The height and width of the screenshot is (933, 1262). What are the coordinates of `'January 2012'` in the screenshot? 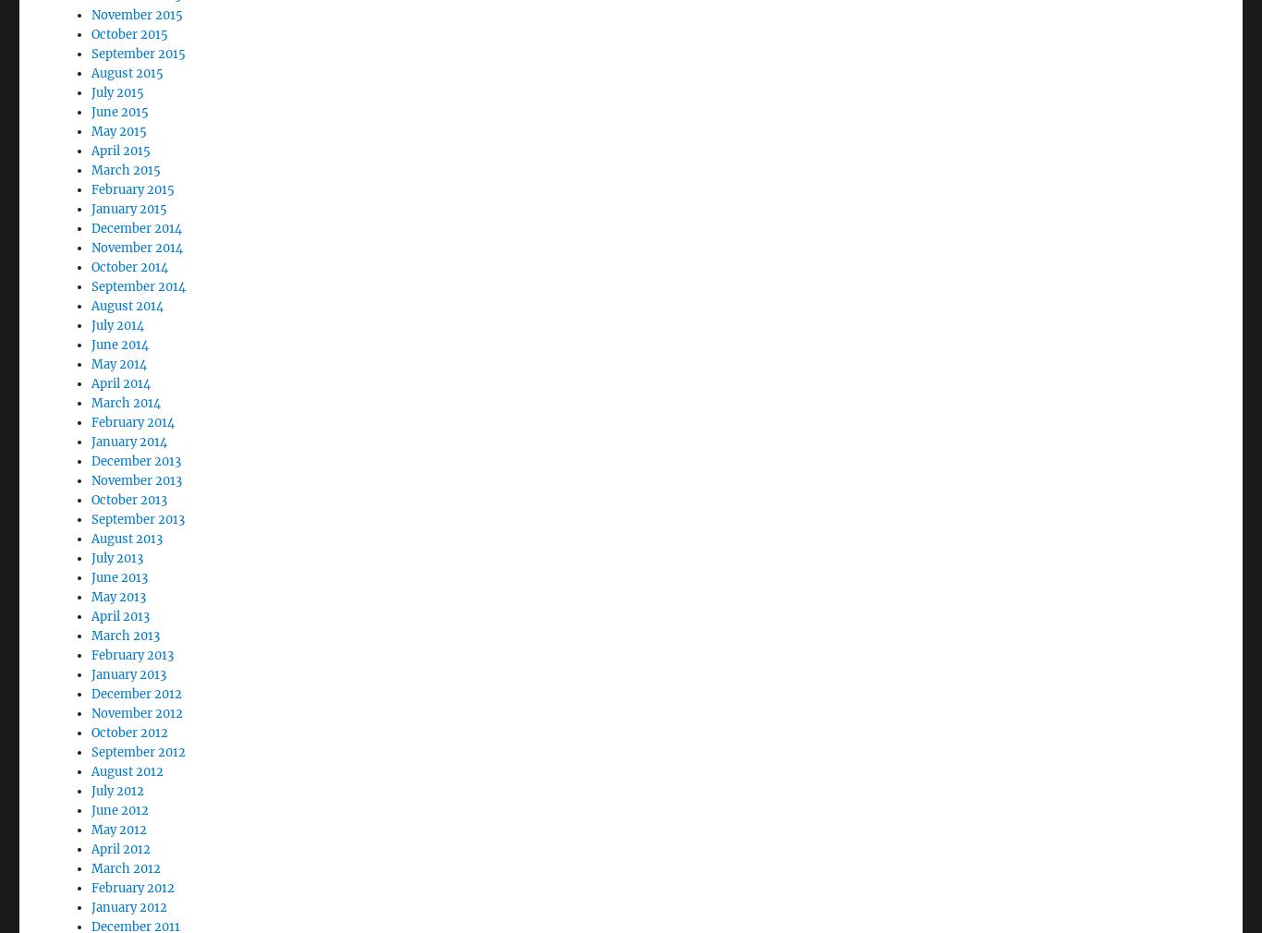 It's located at (128, 856).